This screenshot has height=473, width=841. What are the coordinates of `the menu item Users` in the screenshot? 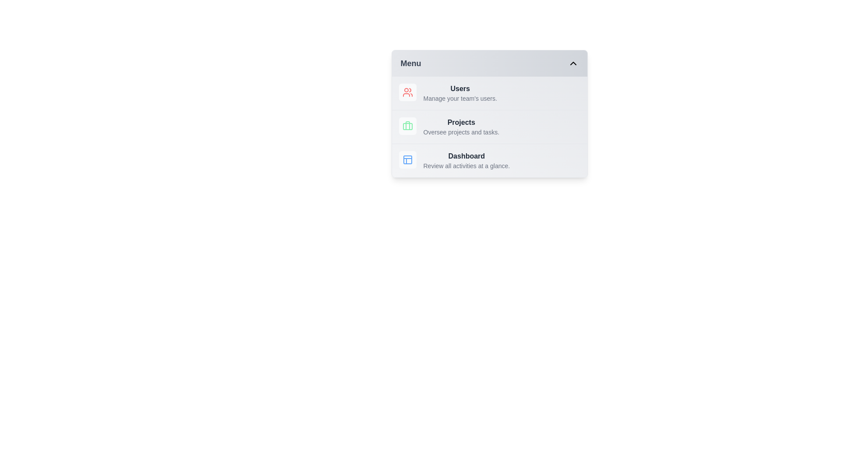 It's located at (489, 93).